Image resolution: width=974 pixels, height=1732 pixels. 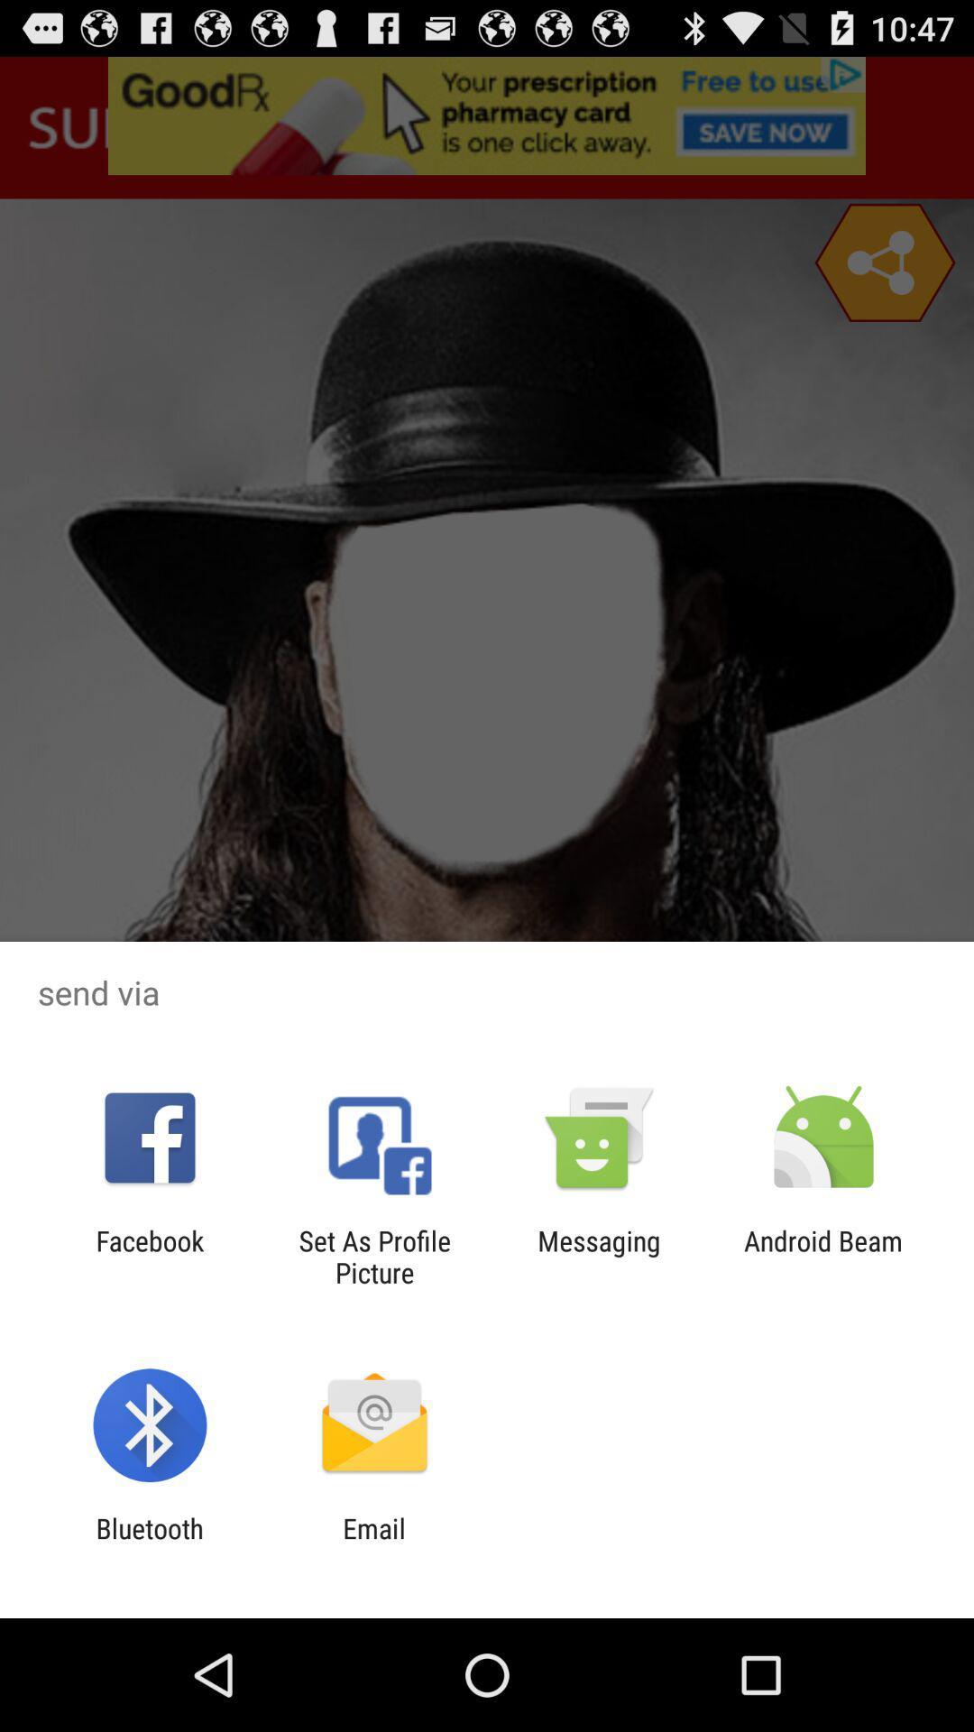 What do you see at coordinates (373, 1256) in the screenshot?
I see `the icon next to the messaging app` at bounding box center [373, 1256].